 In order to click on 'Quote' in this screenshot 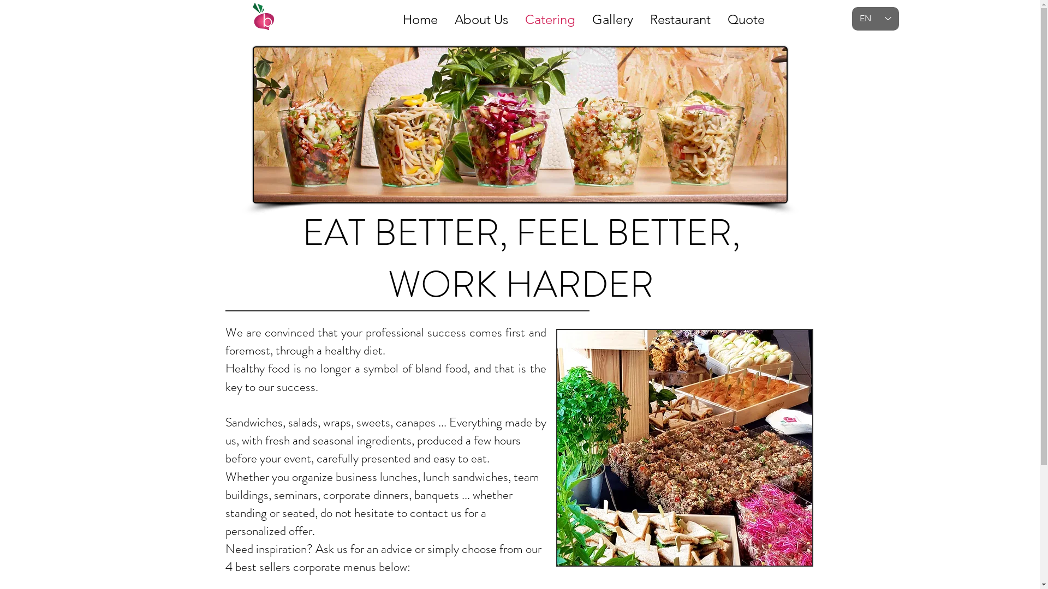, I will do `click(746, 16)`.